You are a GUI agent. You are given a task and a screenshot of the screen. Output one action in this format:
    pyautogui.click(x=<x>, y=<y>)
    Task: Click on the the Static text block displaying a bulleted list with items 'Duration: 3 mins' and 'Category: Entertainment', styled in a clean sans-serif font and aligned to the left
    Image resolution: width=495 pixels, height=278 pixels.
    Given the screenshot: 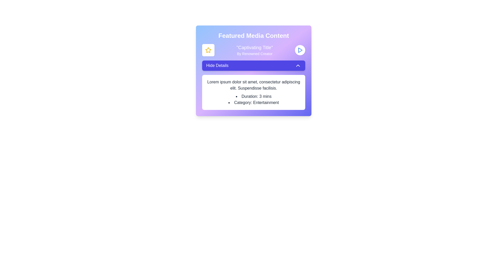 What is the action you would take?
    pyautogui.click(x=253, y=99)
    